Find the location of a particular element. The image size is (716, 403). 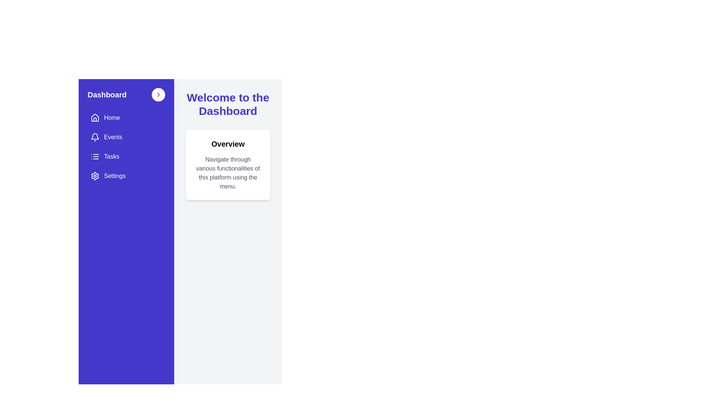

the chevron icon located towards the right edge of the sidebar is located at coordinates (158, 94).